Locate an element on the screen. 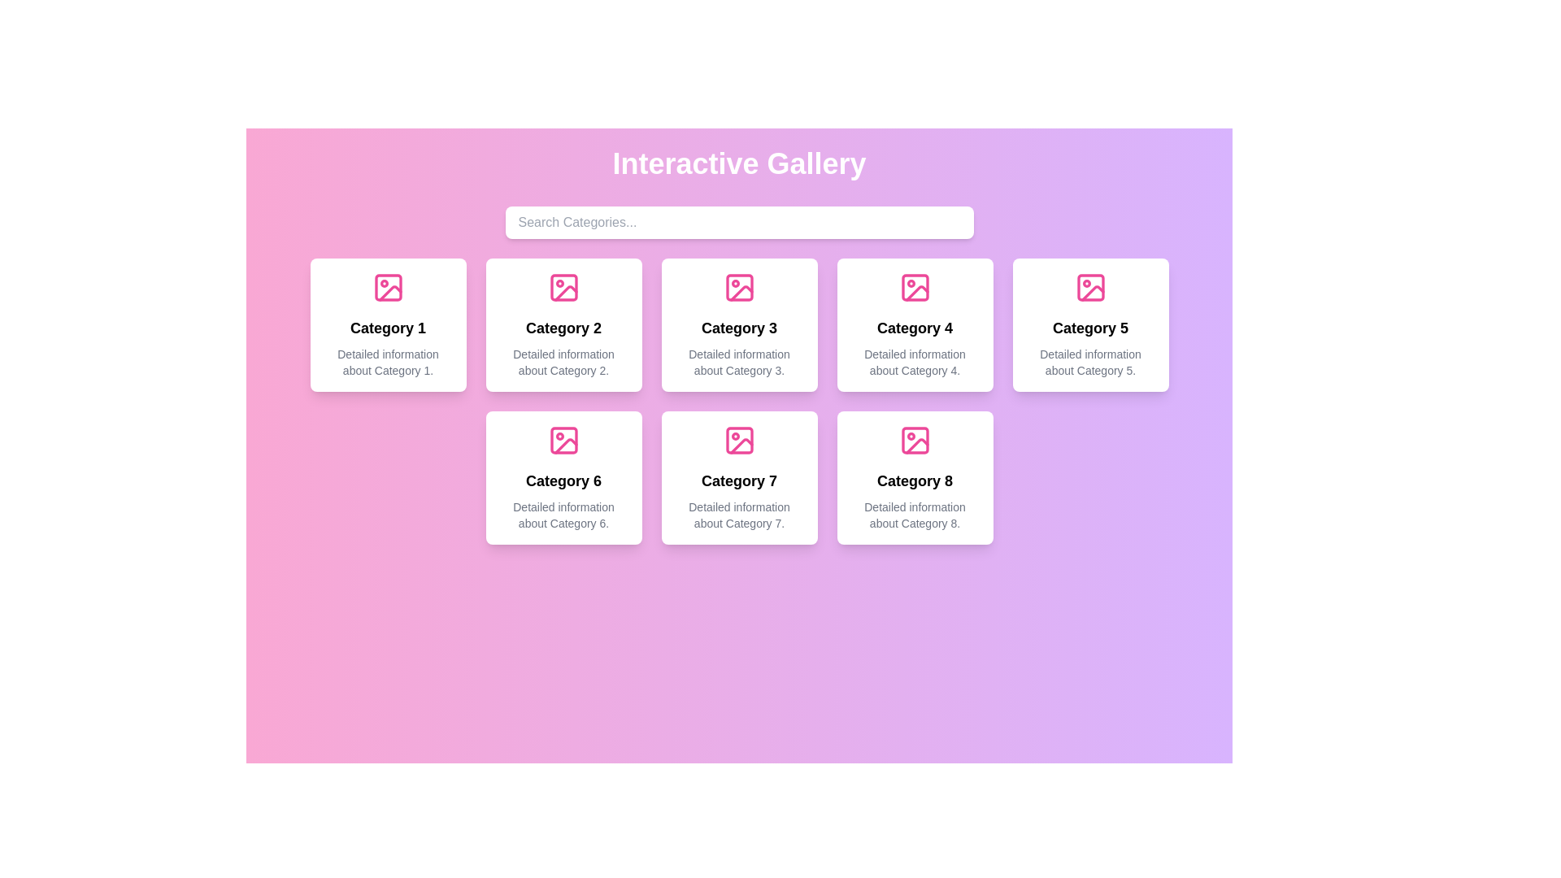 This screenshot has width=1561, height=878. the icon or decorative shape located within the fourth category card titled 'Category 4', which is positioned in the second row and fourth column of the grid layout is located at coordinates (915, 287).